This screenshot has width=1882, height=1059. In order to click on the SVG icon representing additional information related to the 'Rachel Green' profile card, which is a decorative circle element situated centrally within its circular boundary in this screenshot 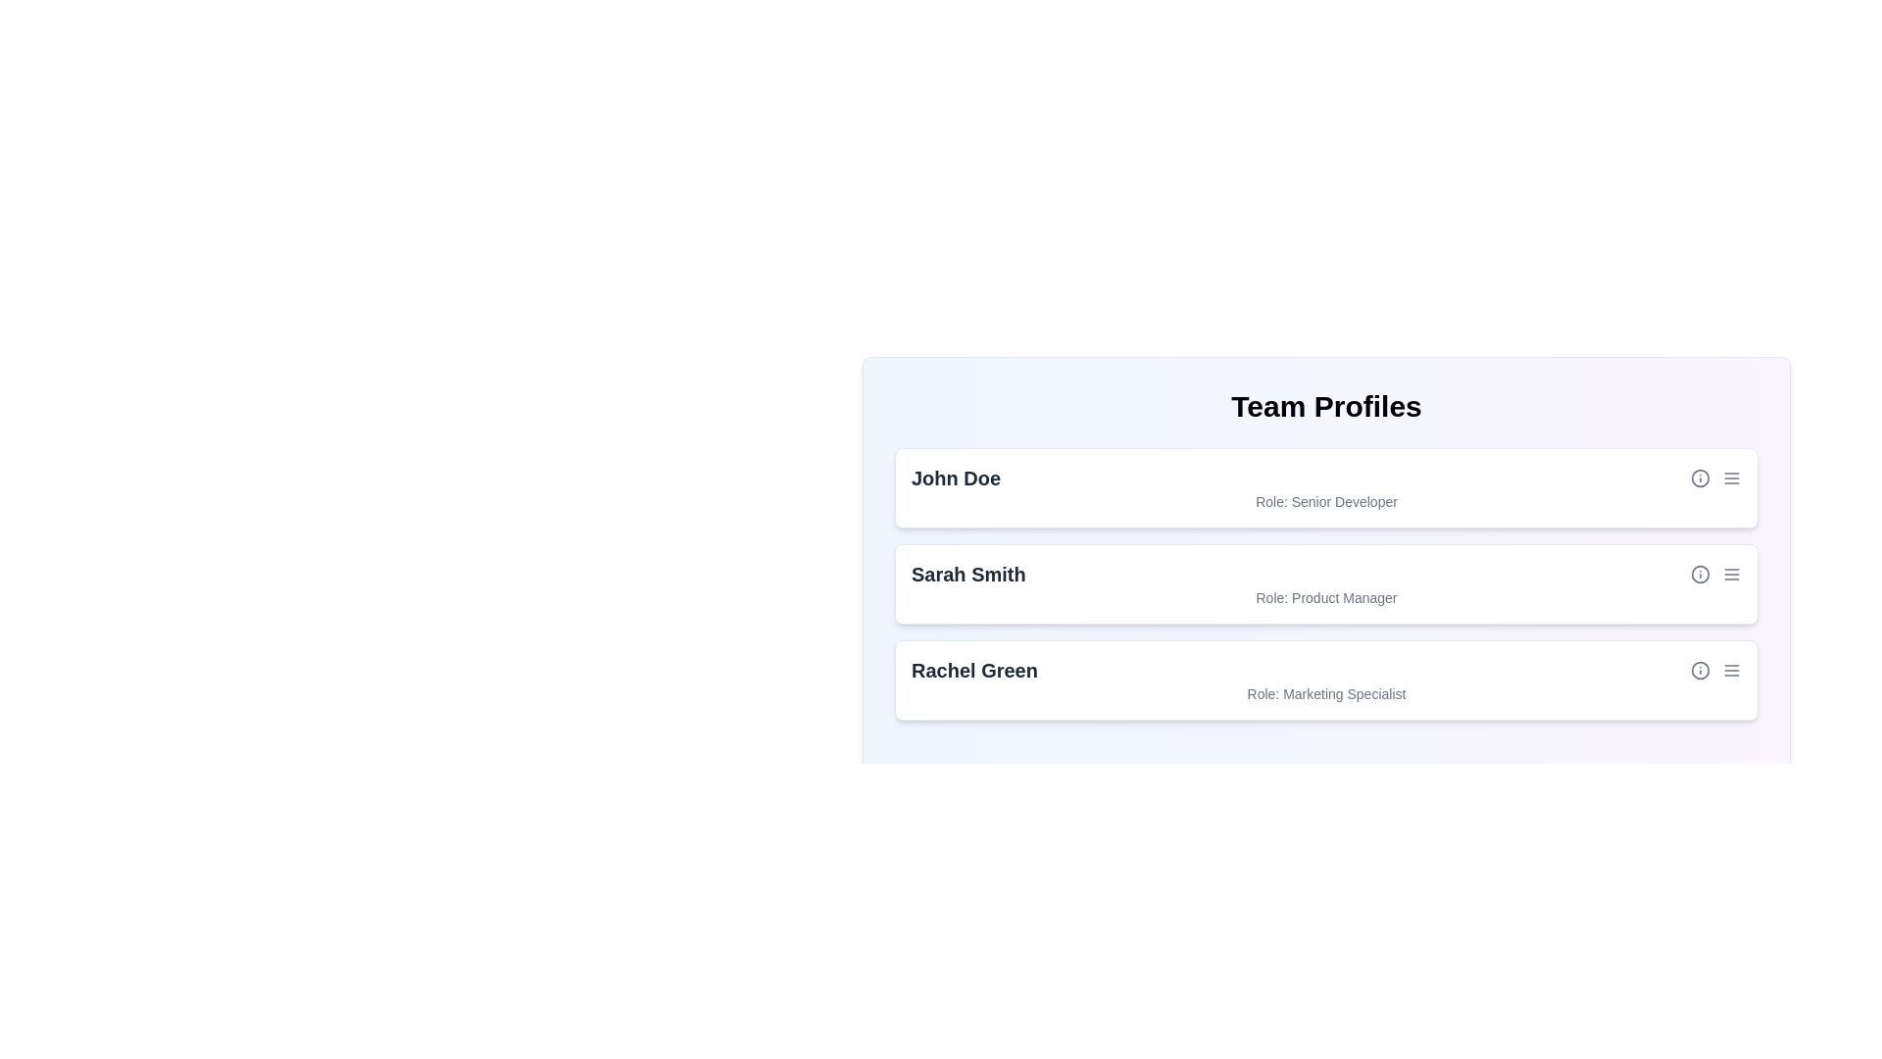, I will do `click(1699, 669)`.